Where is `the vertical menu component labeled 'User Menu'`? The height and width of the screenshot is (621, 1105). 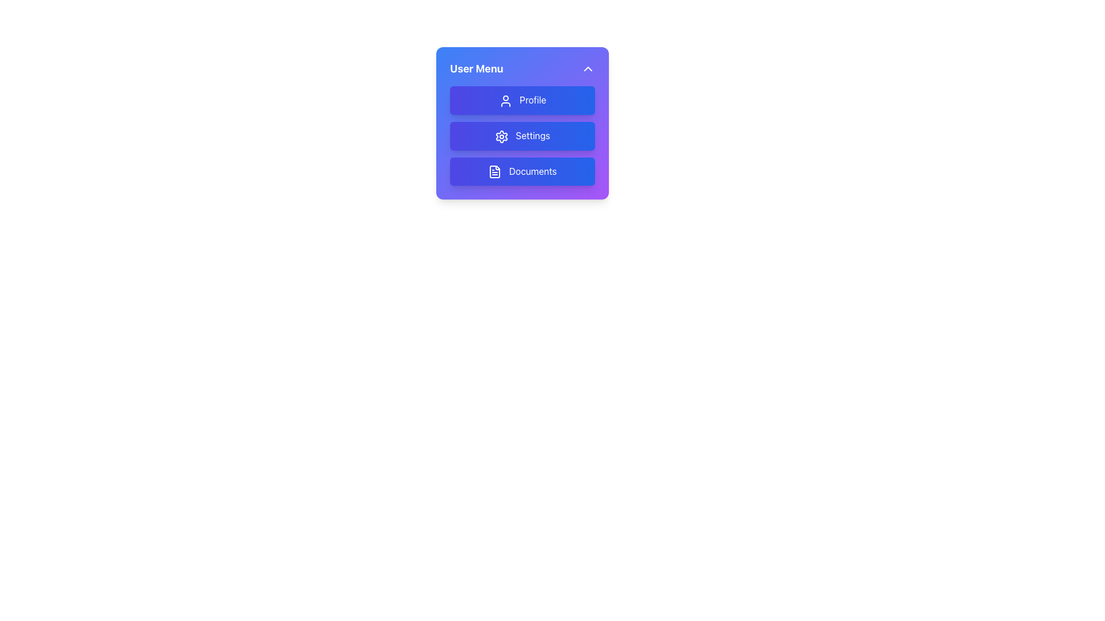 the vertical menu component labeled 'User Menu' is located at coordinates (521, 135).